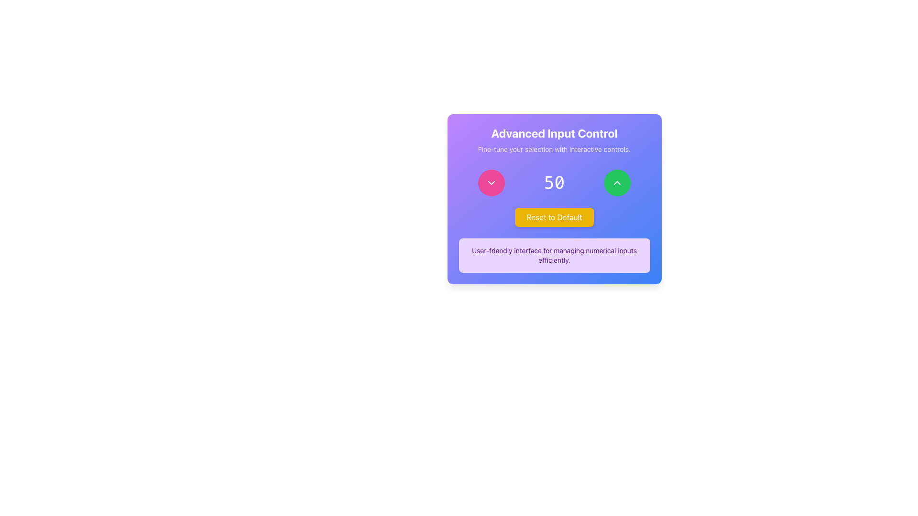 The width and height of the screenshot is (918, 516). Describe the element at coordinates (554, 183) in the screenshot. I see `the Text Display showing the number '50' in a bold, large monospace font, which is centrally located in the interactive section of the card` at that location.